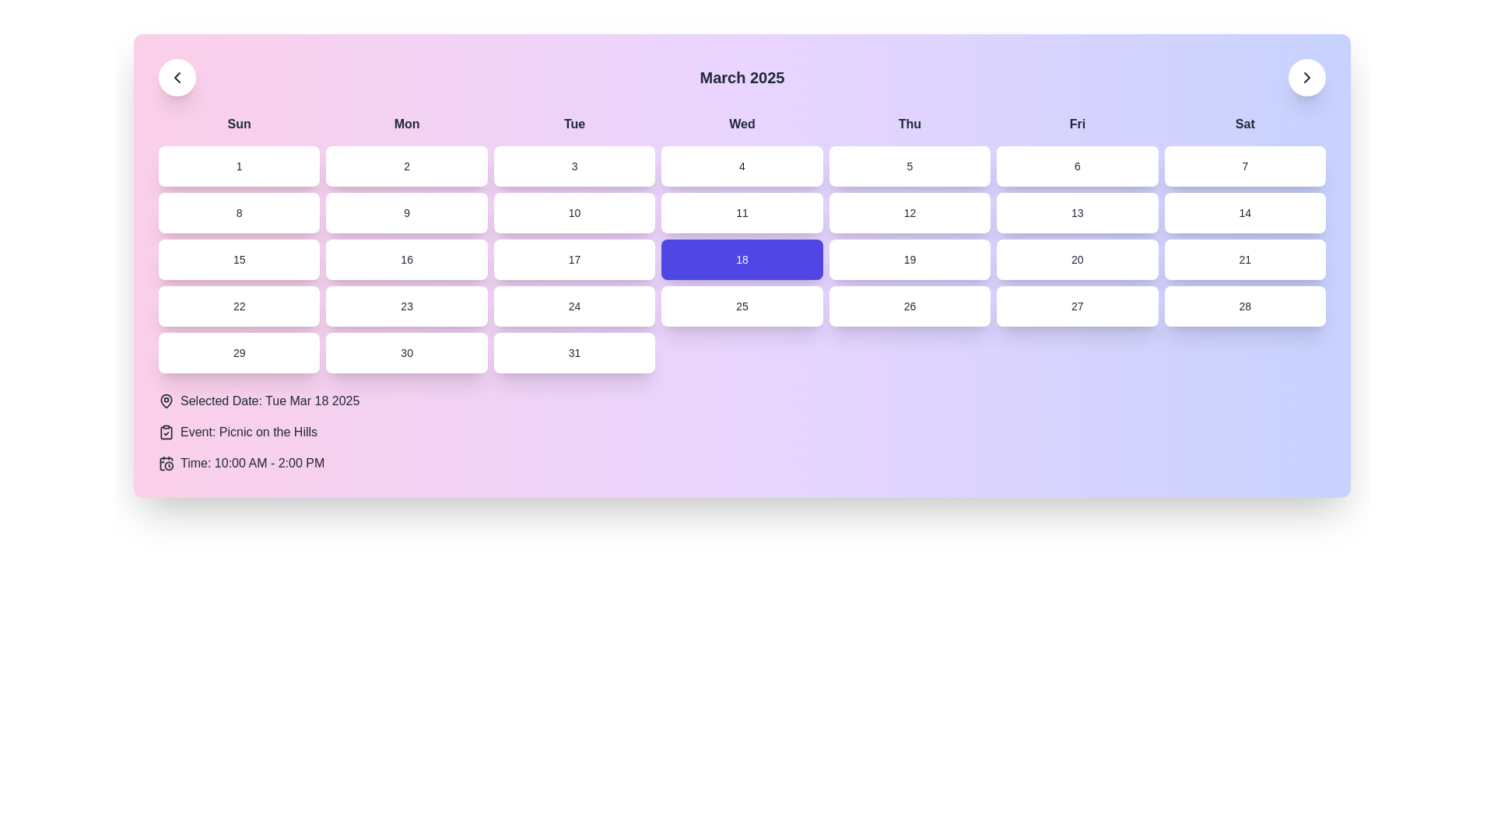 This screenshot has height=840, width=1494. What do you see at coordinates (407, 123) in the screenshot?
I see `the label indicating 'Monday' in the calendar grid layout, which is positioned between 'Sun' and 'Tue'` at bounding box center [407, 123].